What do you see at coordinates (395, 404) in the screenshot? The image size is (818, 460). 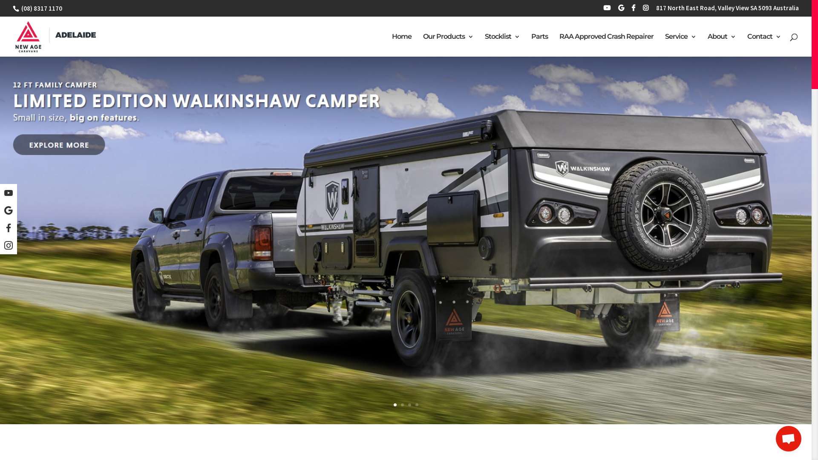 I see `'1'` at bounding box center [395, 404].